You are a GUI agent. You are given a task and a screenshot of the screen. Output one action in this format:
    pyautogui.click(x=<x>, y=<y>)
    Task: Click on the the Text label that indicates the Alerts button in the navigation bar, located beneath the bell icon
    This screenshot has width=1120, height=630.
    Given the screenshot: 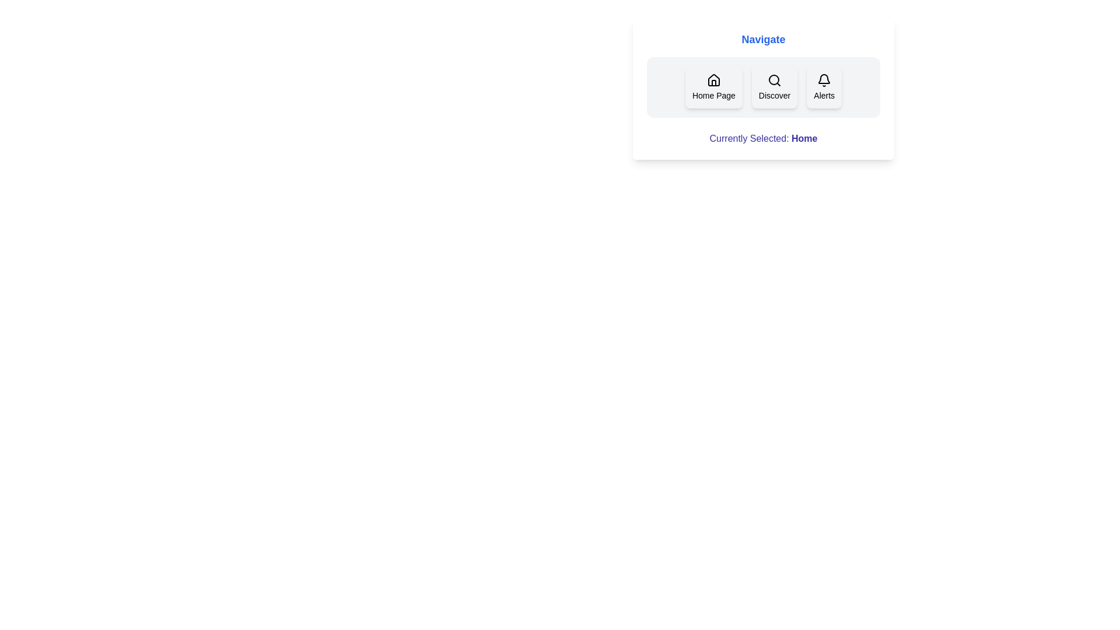 What is the action you would take?
    pyautogui.click(x=824, y=95)
    